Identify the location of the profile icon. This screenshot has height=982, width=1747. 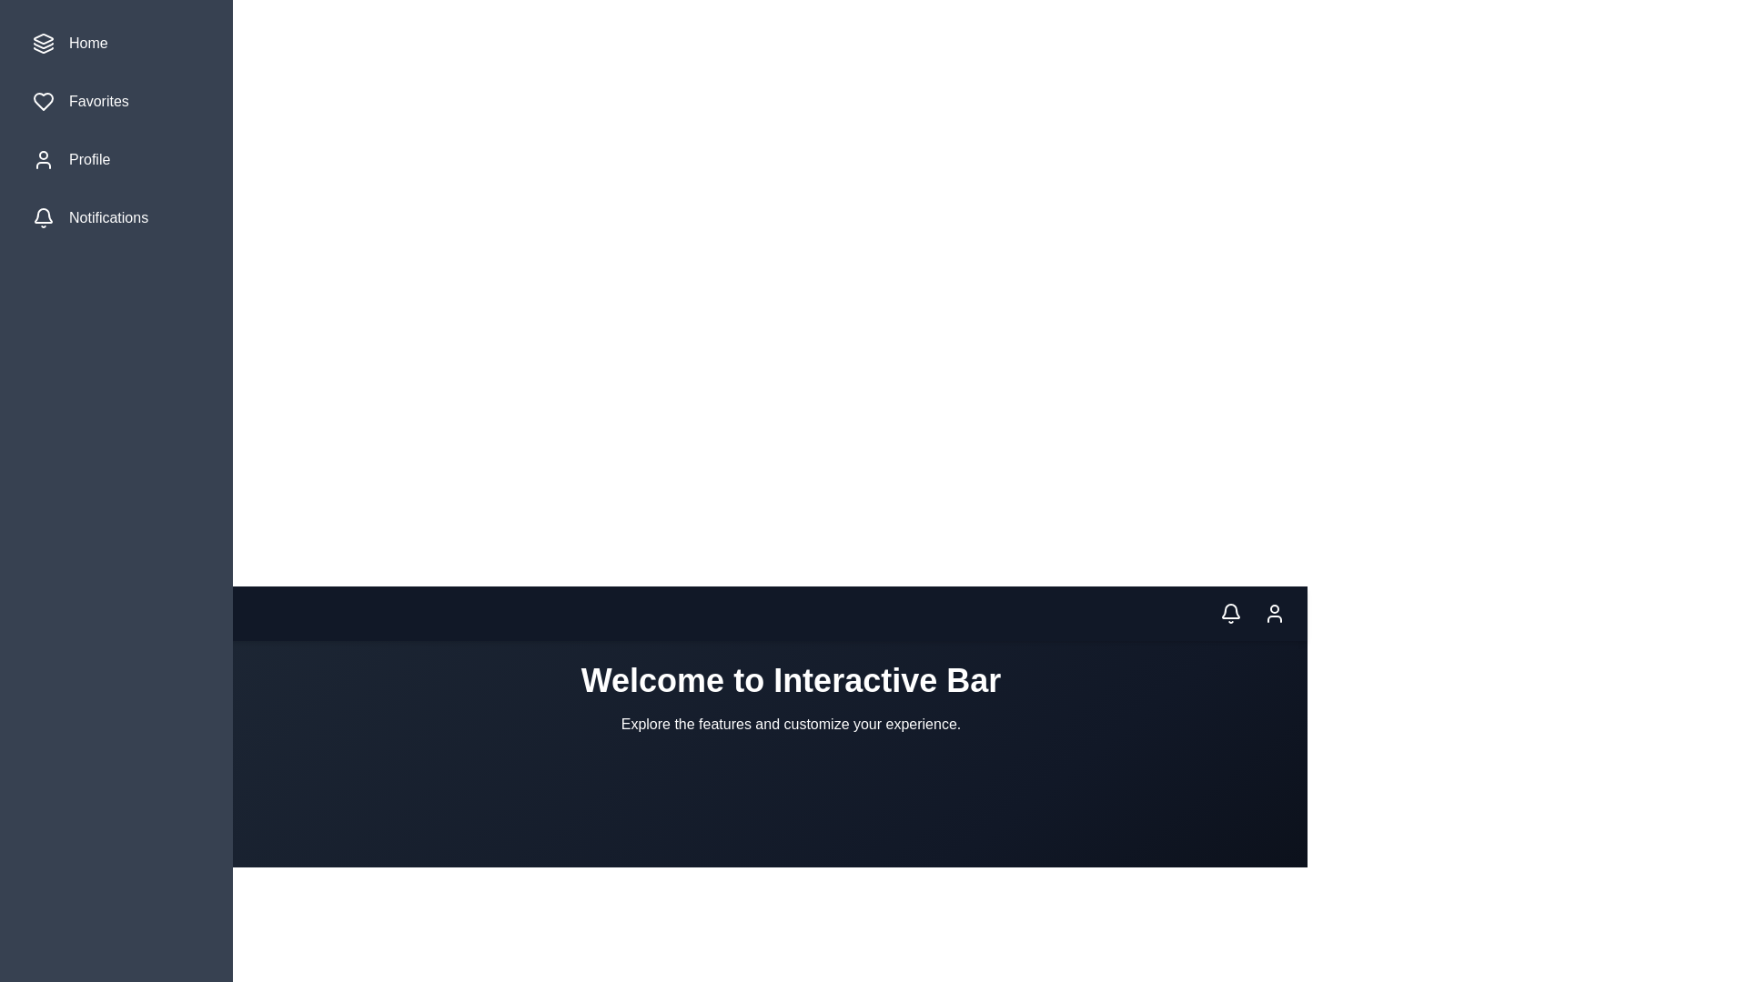
(1274, 614).